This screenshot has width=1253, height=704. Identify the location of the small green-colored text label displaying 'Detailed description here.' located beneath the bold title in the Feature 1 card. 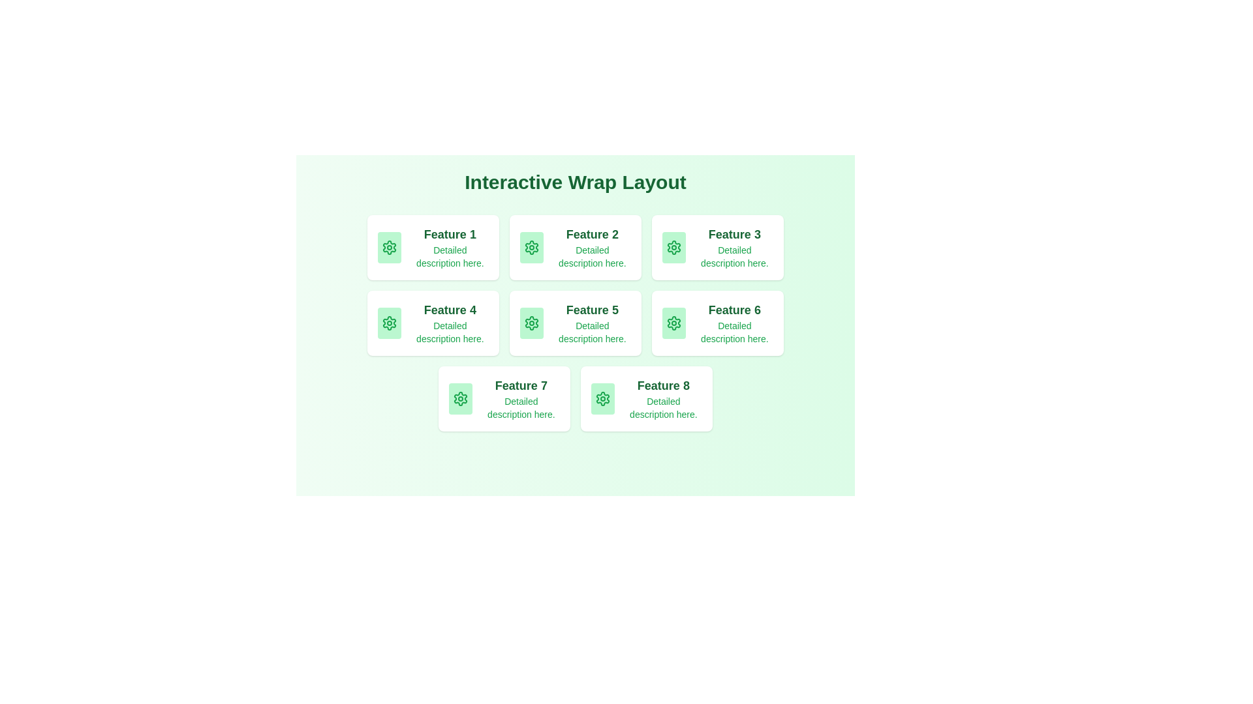
(450, 256).